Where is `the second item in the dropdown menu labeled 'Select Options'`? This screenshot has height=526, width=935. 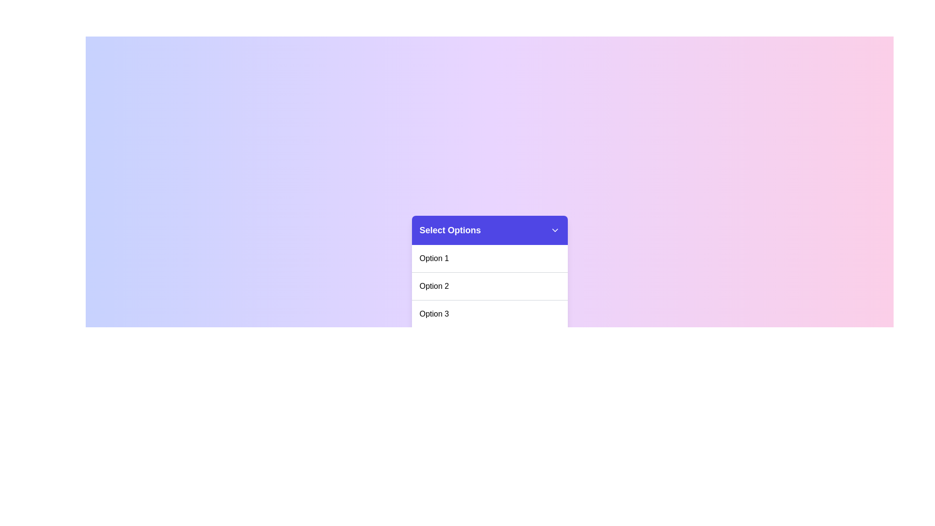 the second item in the dropdown menu labeled 'Select Options' is located at coordinates (489, 285).